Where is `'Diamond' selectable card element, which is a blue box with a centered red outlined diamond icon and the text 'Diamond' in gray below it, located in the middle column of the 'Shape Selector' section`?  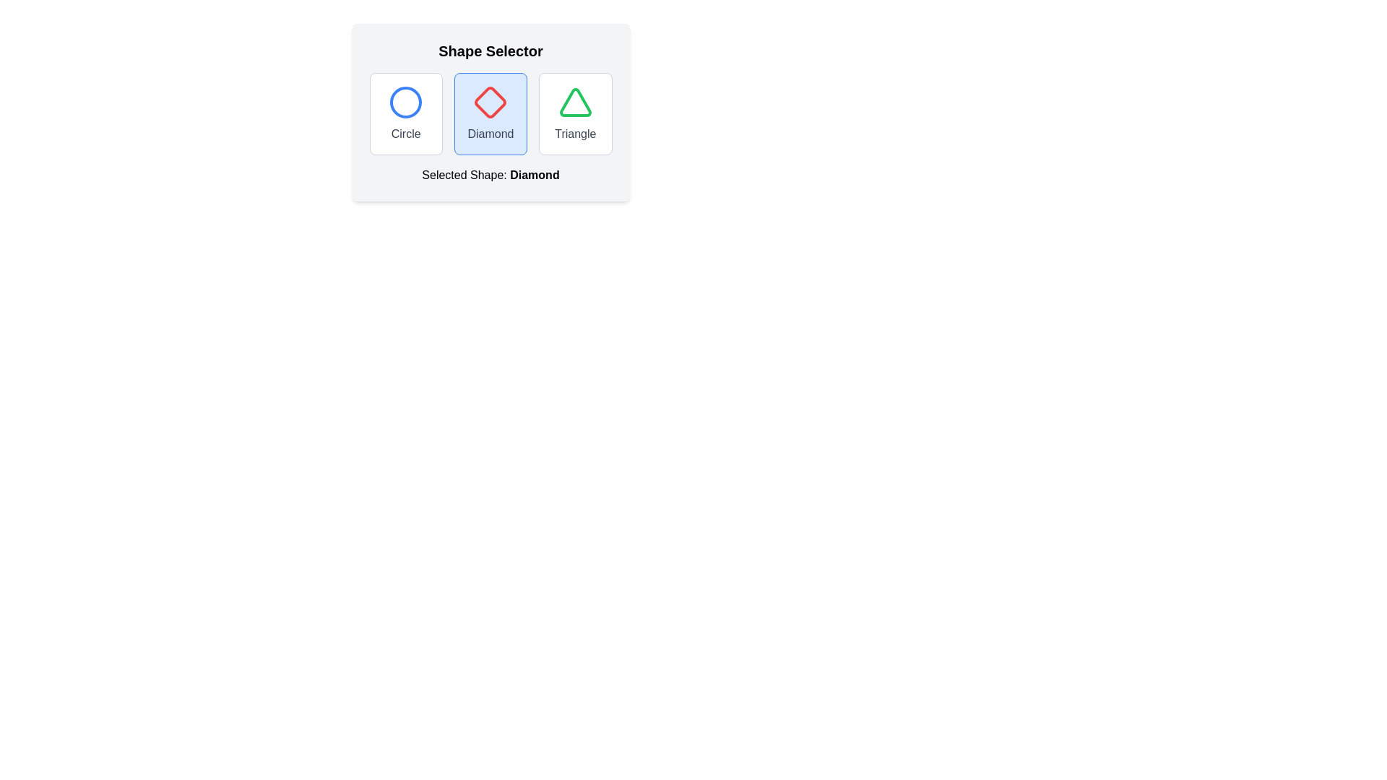 'Diamond' selectable card element, which is a blue box with a centered red outlined diamond icon and the text 'Diamond' in gray below it, located in the middle column of the 'Shape Selector' section is located at coordinates (491, 113).